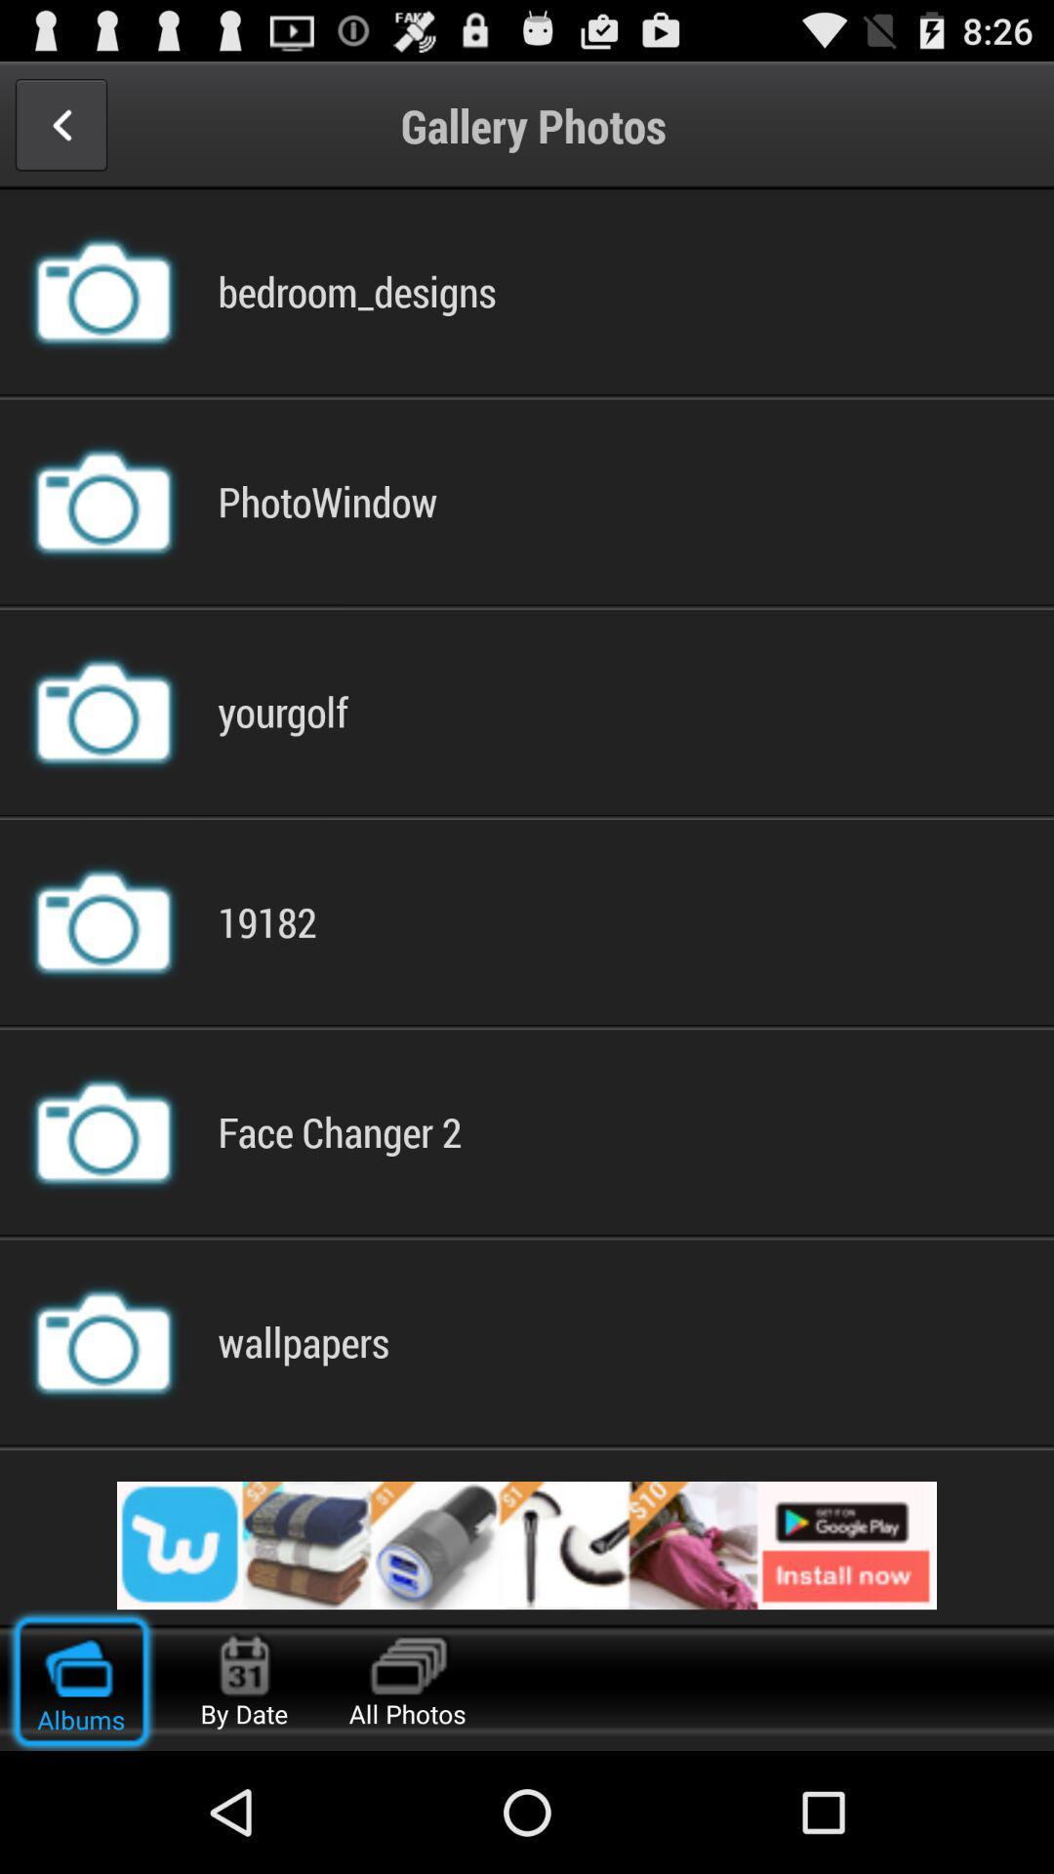 This screenshot has width=1054, height=1874. I want to click on calendar icon, so click(243, 1652).